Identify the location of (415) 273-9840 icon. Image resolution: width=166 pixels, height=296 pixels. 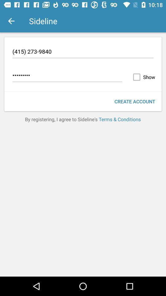
(83, 52).